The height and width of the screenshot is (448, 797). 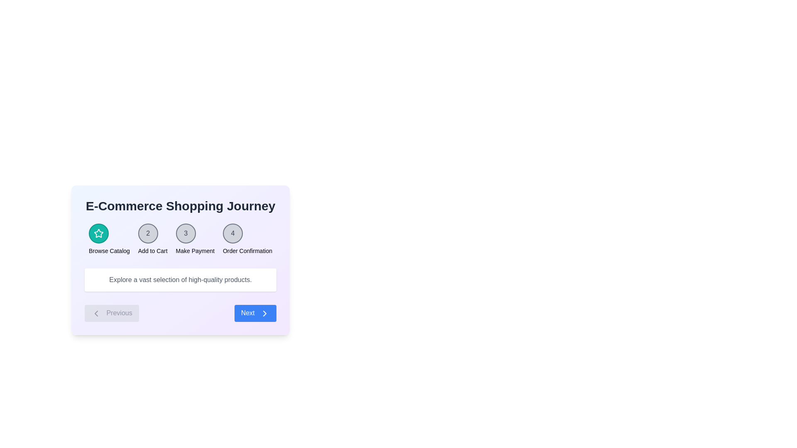 What do you see at coordinates (153, 251) in the screenshot?
I see `the 'Add to Cart' text label, which is centrally aligned beneath the circled number '2' in the E-Commerce Shopping Journey interface` at bounding box center [153, 251].